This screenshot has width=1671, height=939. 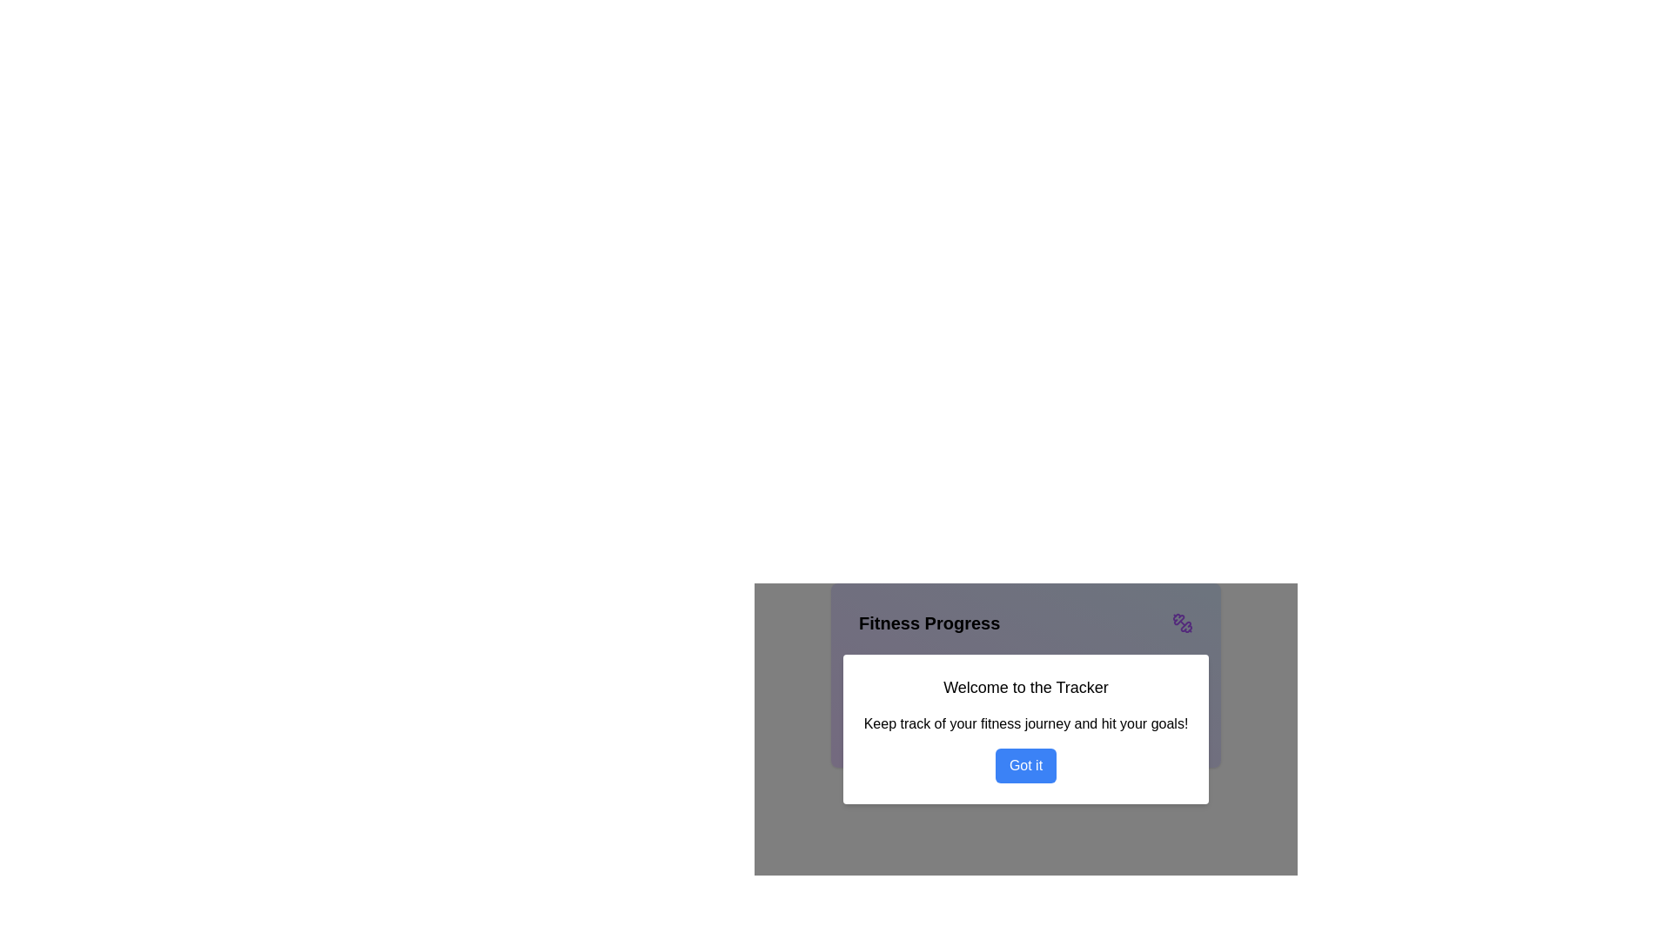 I want to click on the fitness progress icon located to the right of the 'Fitness Progress' text in the header section, so click(x=1182, y=623).